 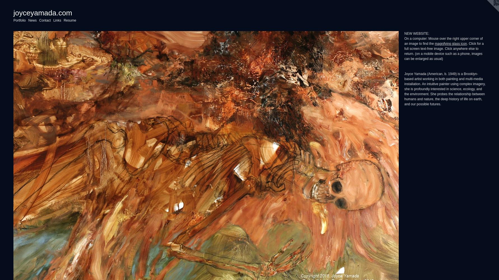 What do you see at coordinates (443, 41) in the screenshot?
I see `'On a computer: Mouse over the right upper corner of an image to find the'` at bounding box center [443, 41].